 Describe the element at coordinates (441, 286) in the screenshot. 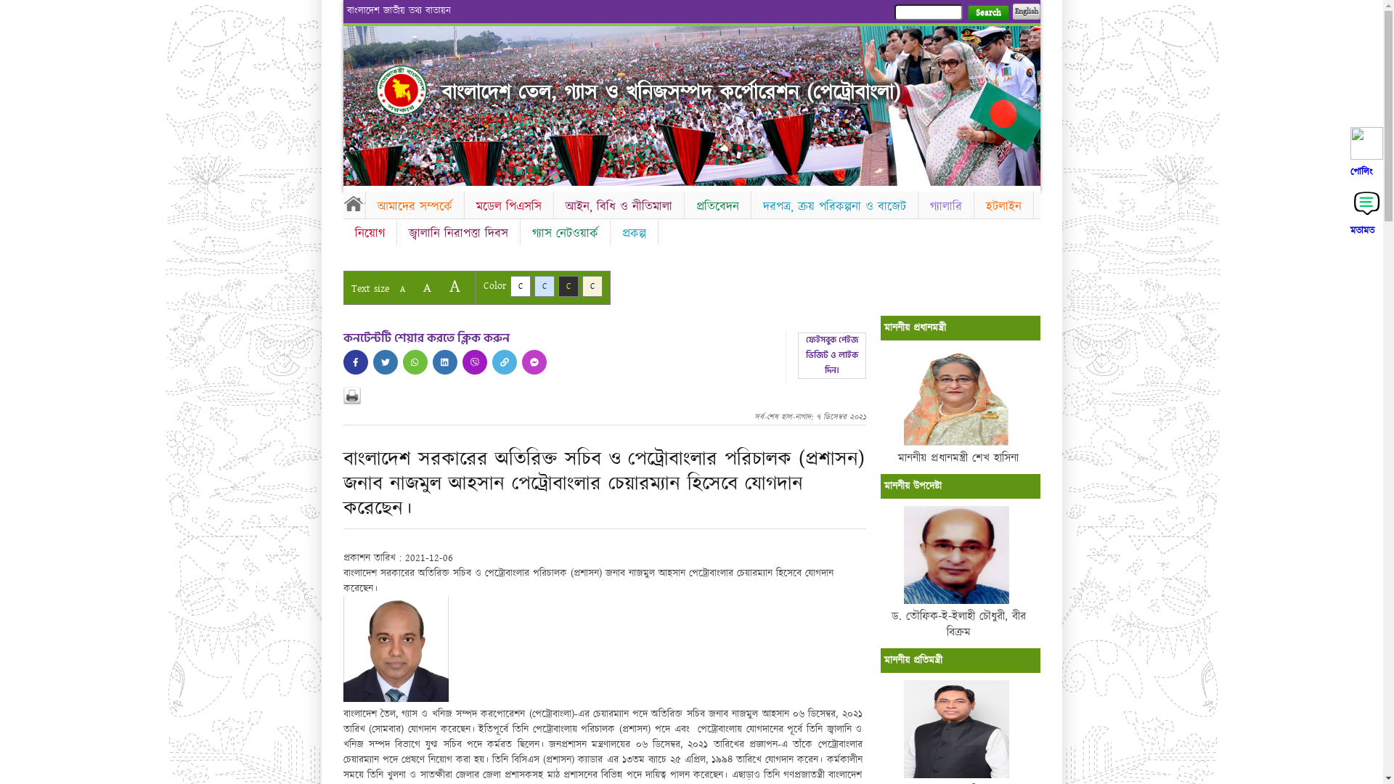

I see `'A'` at that location.